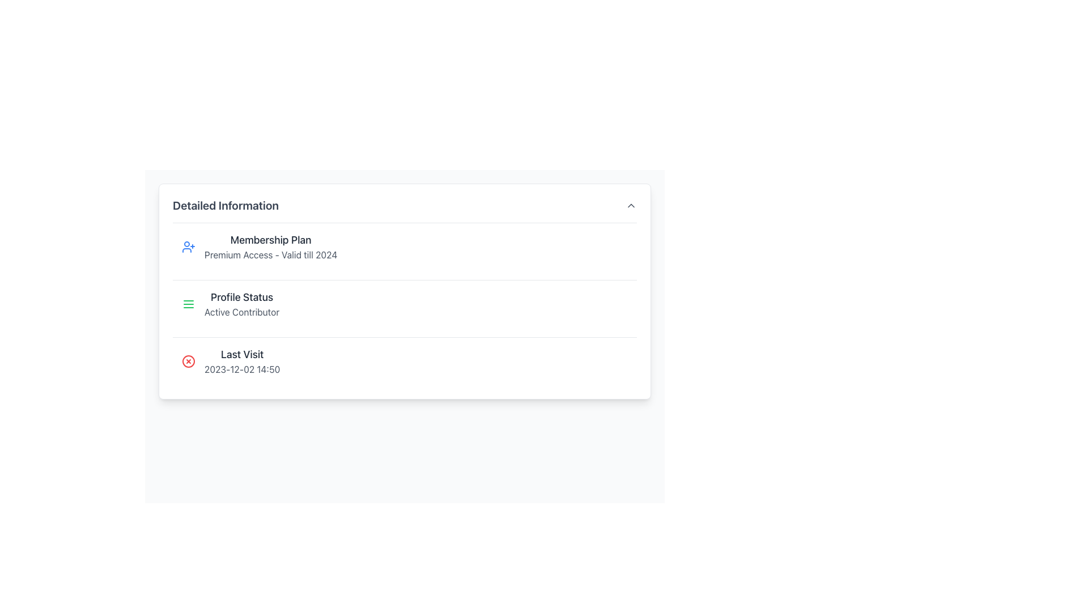 Image resolution: width=1088 pixels, height=612 pixels. Describe the element at coordinates (188, 361) in the screenshot. I see `the SVG circle graphic that visually represents a 'close' or 'cancel' function, located at the bottom-left corner of the card section labeled 'Last Visit'` at that location.